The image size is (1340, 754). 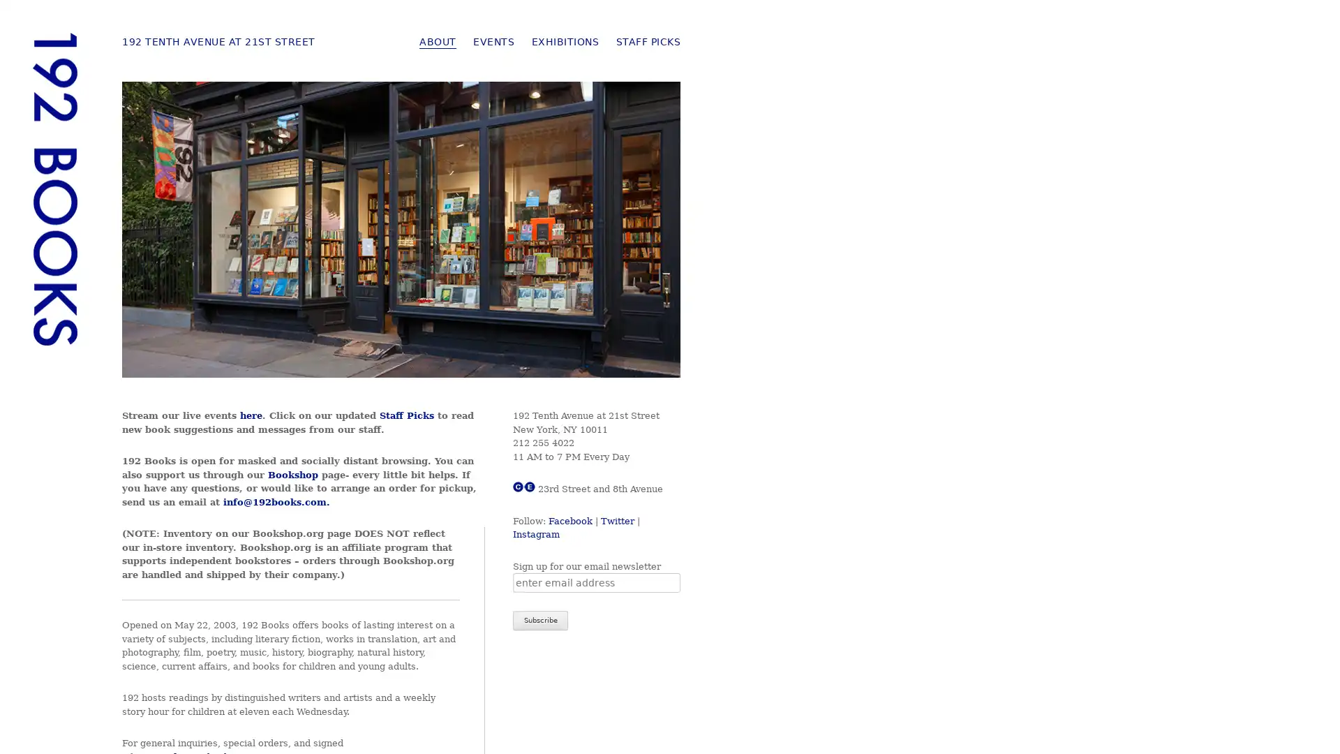 I want to click on Subscribe, so click(x=539, y=619).